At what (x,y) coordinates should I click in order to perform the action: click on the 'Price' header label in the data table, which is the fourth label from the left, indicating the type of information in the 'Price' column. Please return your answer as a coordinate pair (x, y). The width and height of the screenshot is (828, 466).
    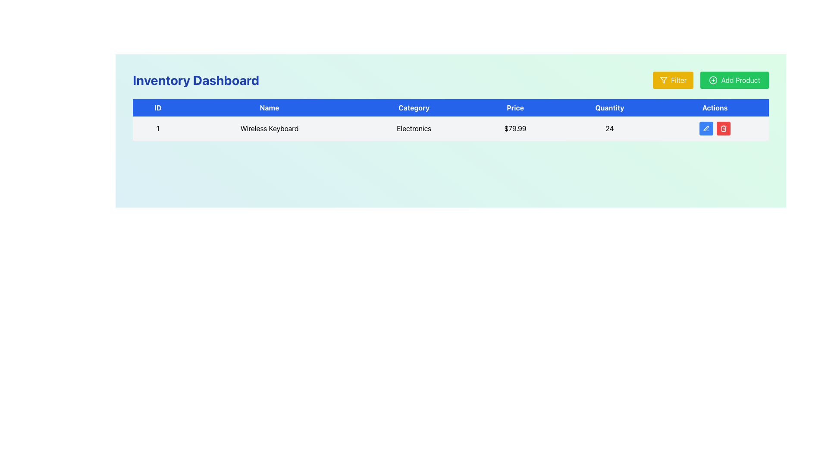
    Looking at the image, I should click on (515, 107).